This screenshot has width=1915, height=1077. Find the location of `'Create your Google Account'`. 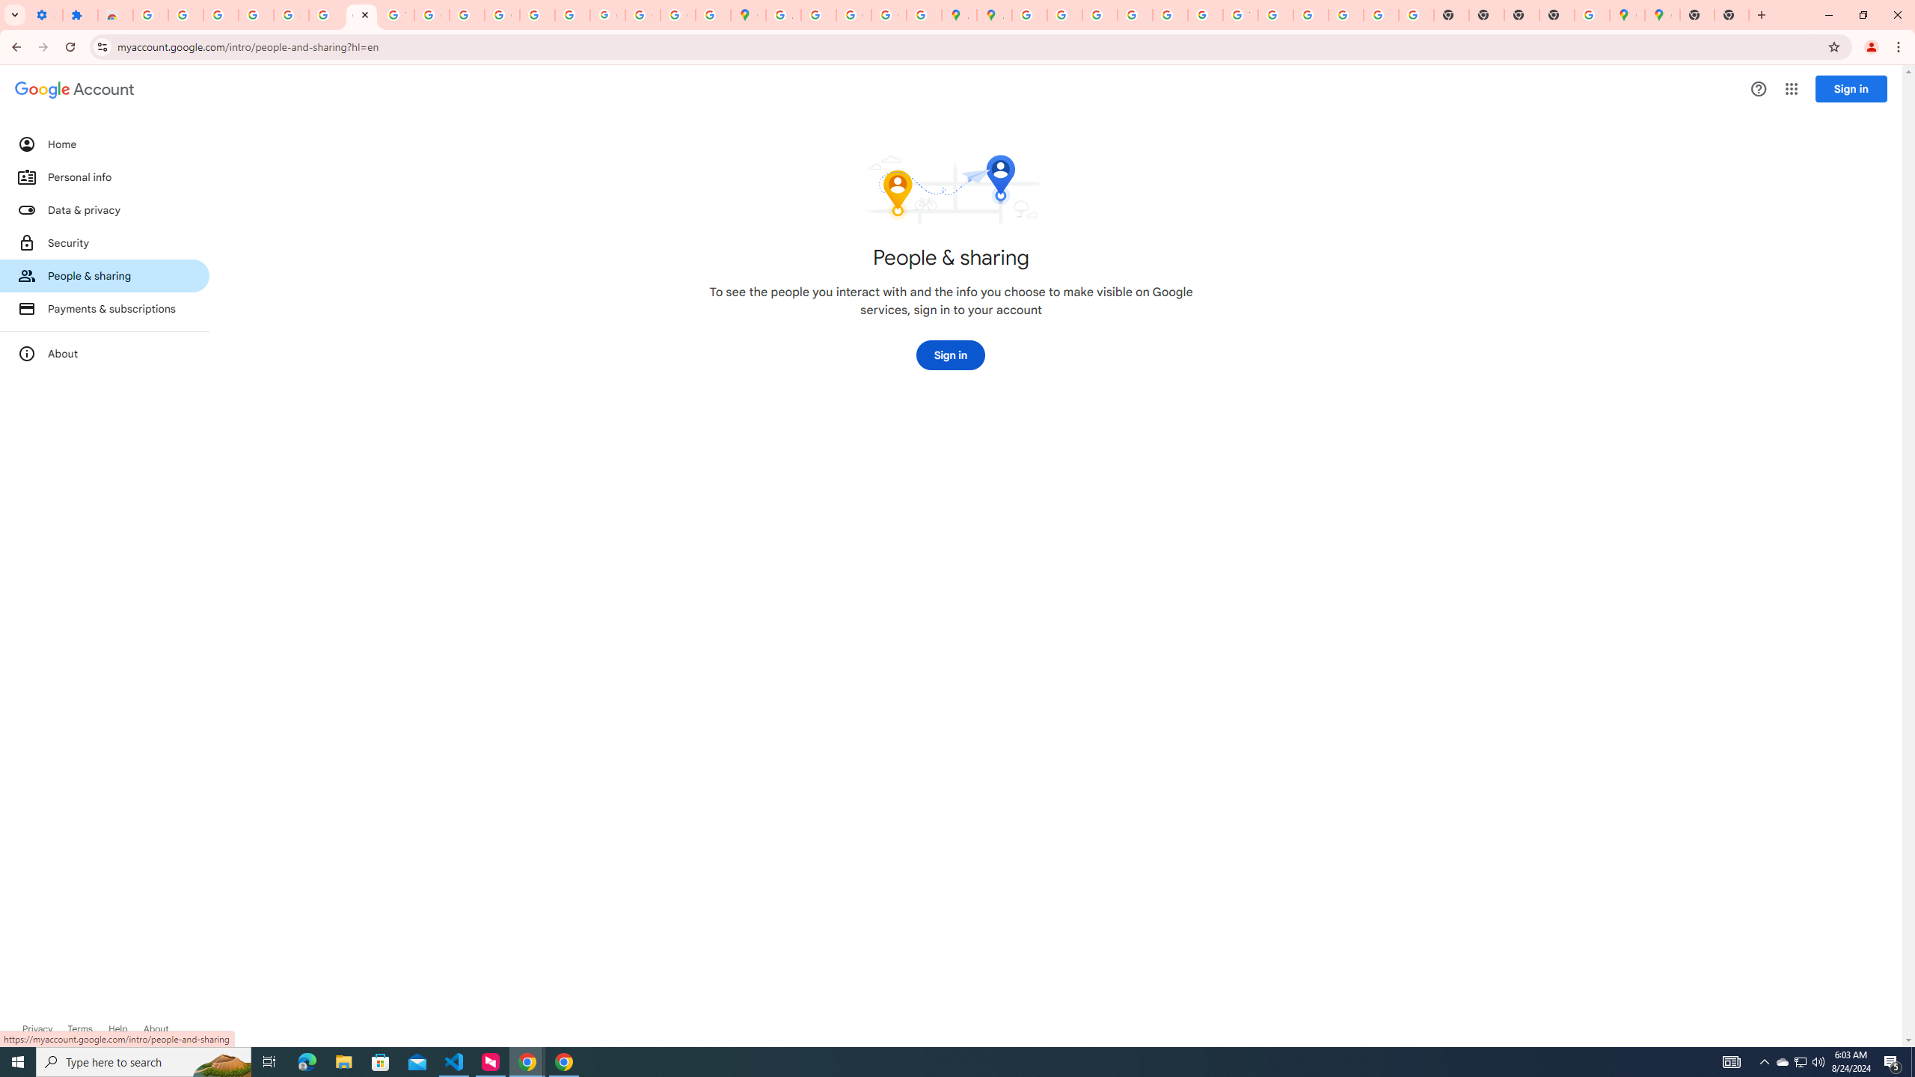

'Create your Google Account' is located at coordinates (854, 14).